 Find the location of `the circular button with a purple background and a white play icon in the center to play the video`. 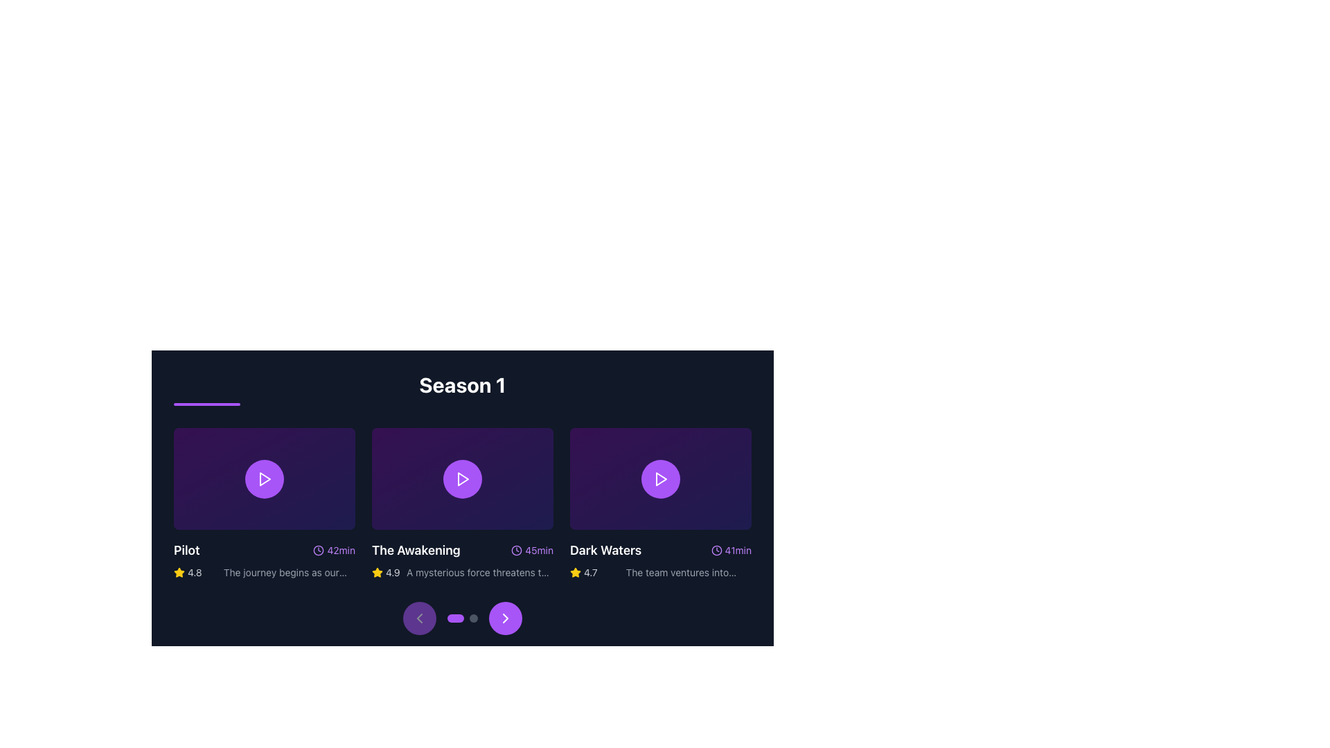

the circular button with a purple background and a white play icon in the center to play the video is located at coordinates (462, 477).